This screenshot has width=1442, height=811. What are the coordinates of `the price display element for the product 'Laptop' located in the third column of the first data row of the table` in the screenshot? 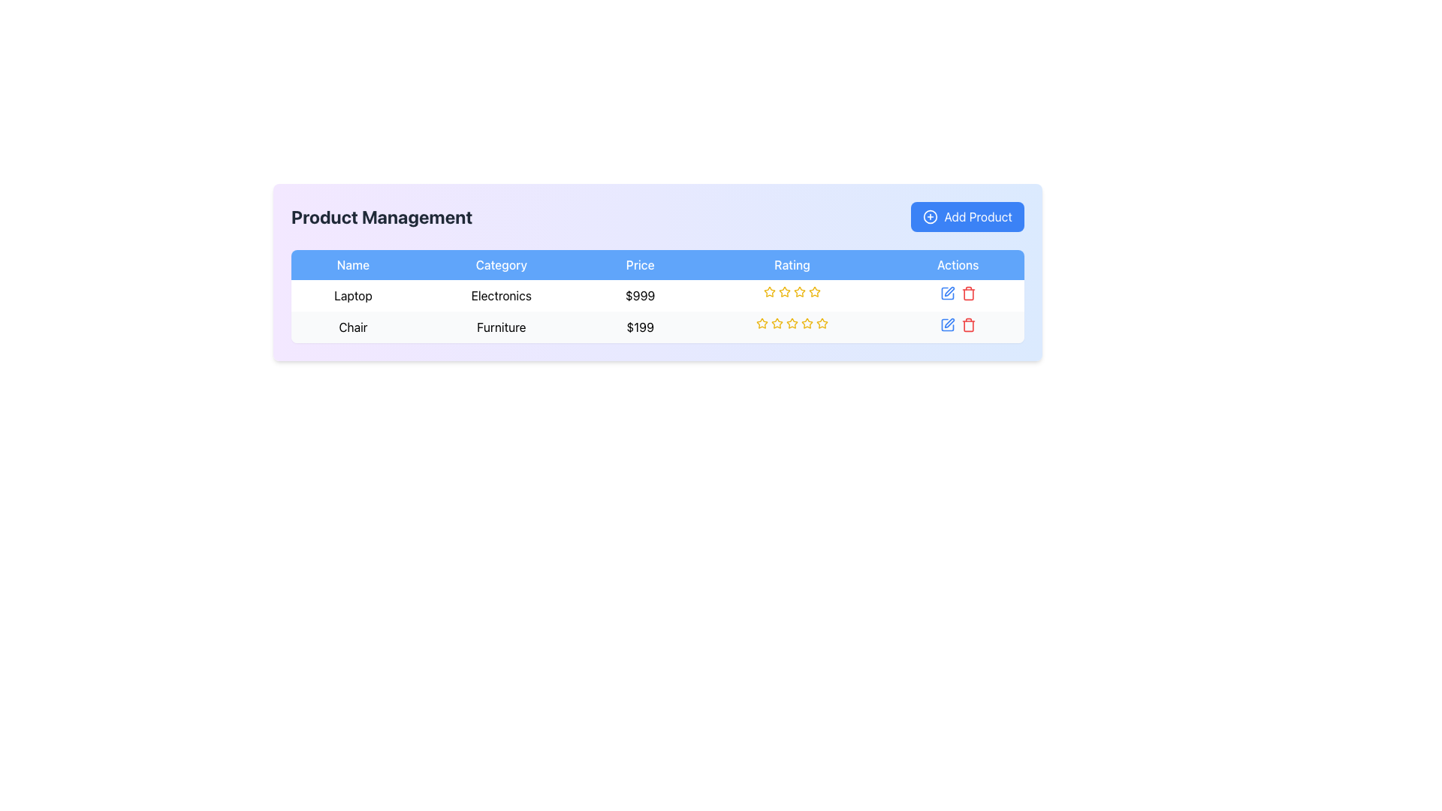 It's located at (657, 295).